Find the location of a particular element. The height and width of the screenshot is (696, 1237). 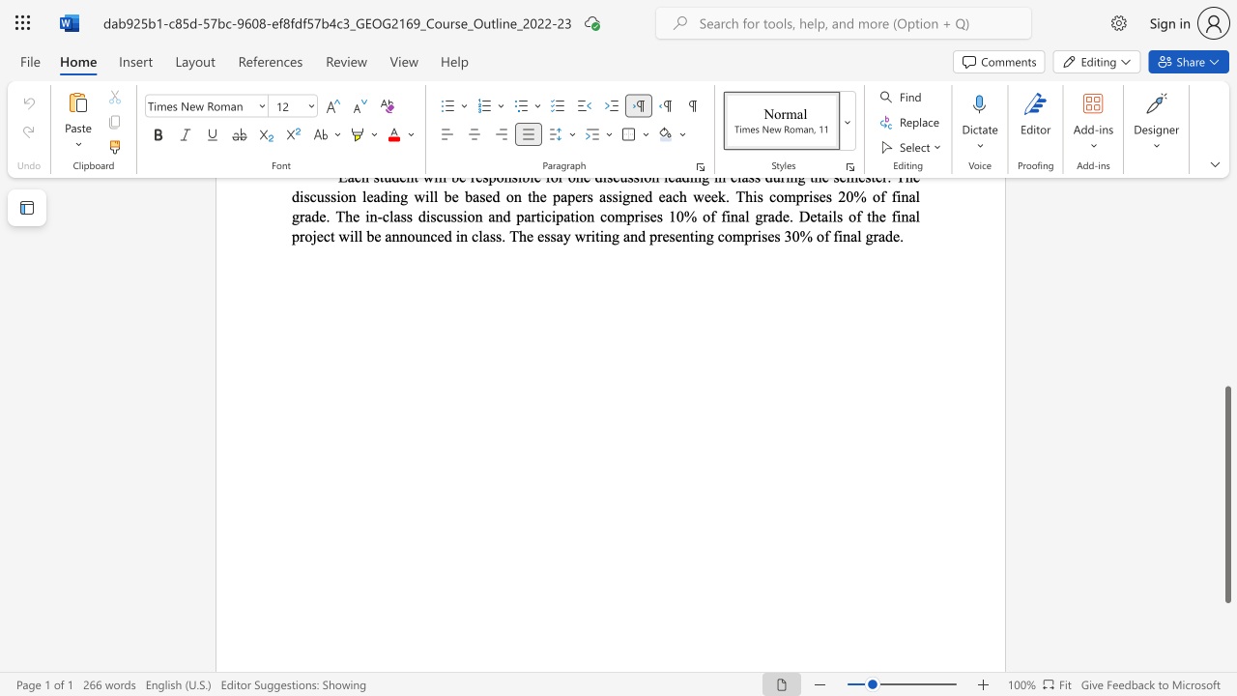

the scrollbar and move down 100 pixels is located at coordinates (1226, 493).